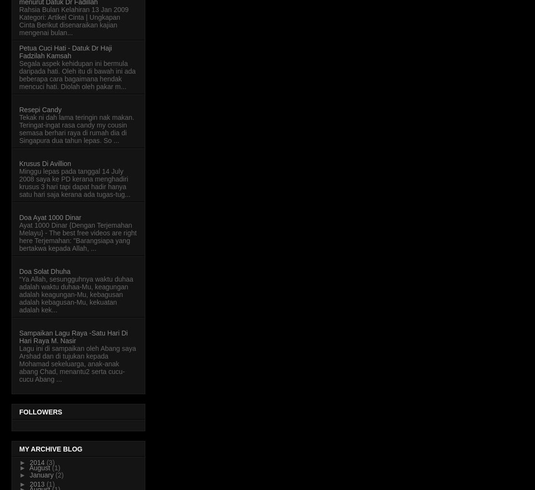 This screenshot has height=490, width=535. Describe the element at coordinates (76, 294) in the screenshot. I see `'“Ya Allah, sesungguhnya waktu duhaa adalah waktu duhaa-Mu, keagungan adalah keagungan-Mu, kebagusan adalah kebagusan-Mu, kekuatan adalah kek...'` at that location.